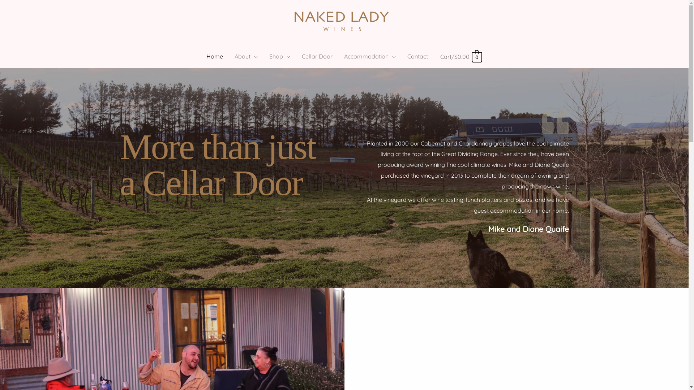 This screenshot has width=694, height=390. What do you see at coordinates (460, 56) in the screenshot?
I see `'Cart/$0.00 0'` at bounding box center [460, 56].